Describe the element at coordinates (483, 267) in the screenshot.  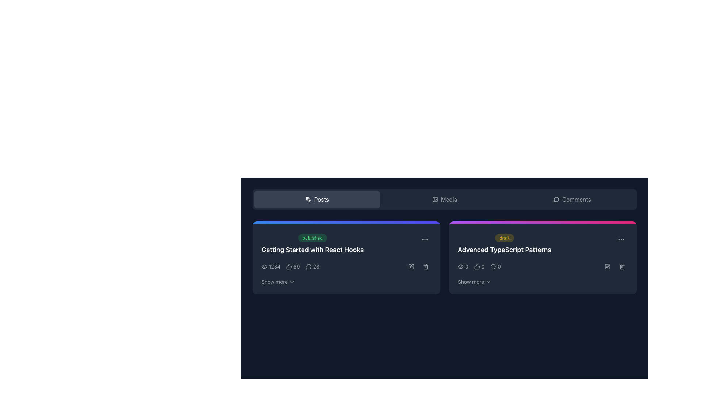
I see `the numeric text label displaying '0', which is styled with a white font color and positioned to the right of a thumbs-up icon, indicating a count of positive interactions` at that location.